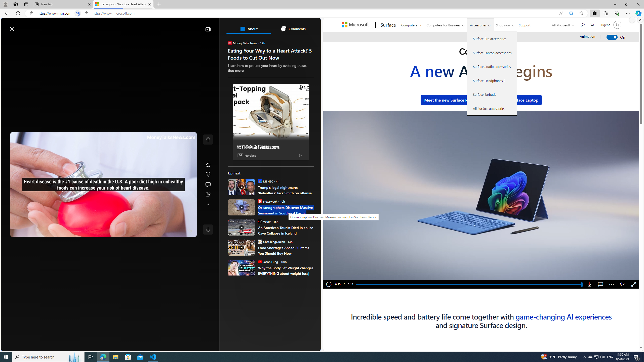 This screenshot has height=362, width=644. Describe the element at coordinates (524, 24) in the screenshot. I see `'Support'` at that location.